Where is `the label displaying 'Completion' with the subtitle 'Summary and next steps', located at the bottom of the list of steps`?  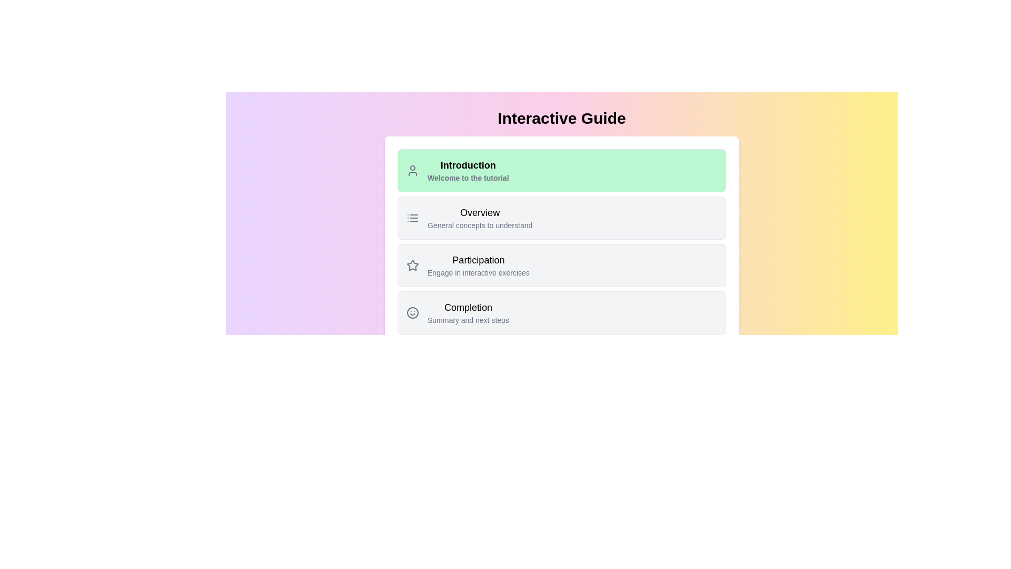 the label displaying 'Completion' with the subtitle 'Summary and next steps', located at the bottom of the list of steps is located at coordinates (468, 312).